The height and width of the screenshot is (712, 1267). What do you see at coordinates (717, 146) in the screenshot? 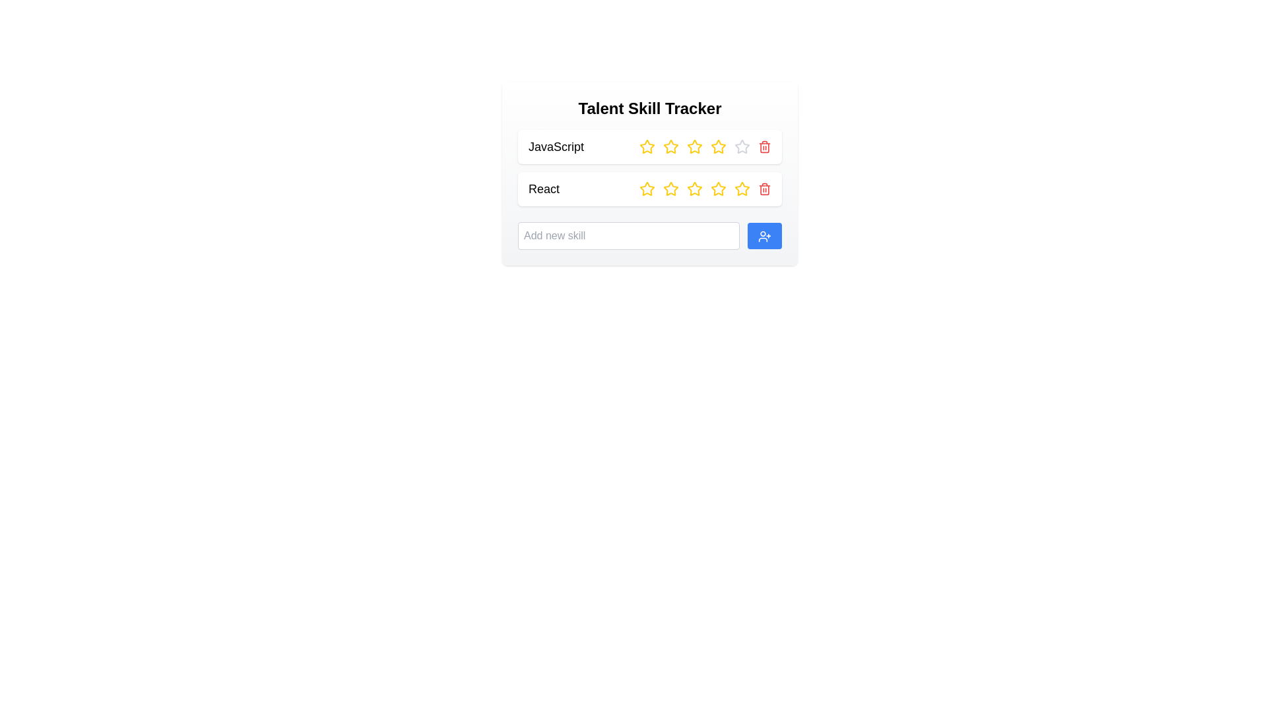
I see `on the fourth star rating icon for the 'JavaScript' skill` at bounding box center [717, 146].